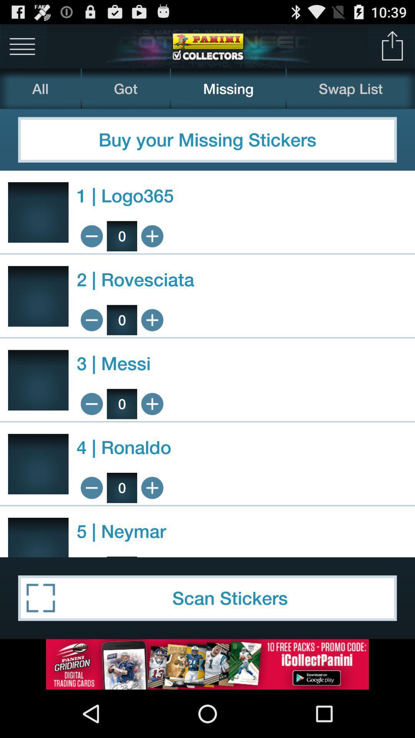 The width and height of the screenshot is (415, 738). I want to click on advertisement, so click(207, 664).